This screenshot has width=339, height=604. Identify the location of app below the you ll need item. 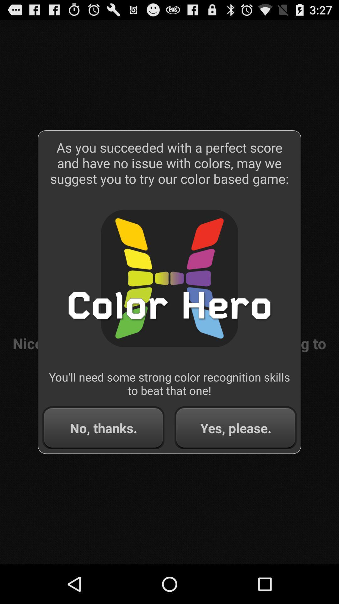
(235, 428).